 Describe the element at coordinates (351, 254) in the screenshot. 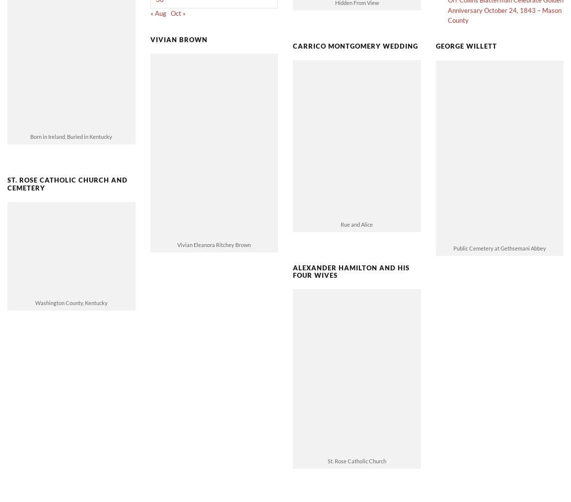

I see `'Alexander Hamilton and His Four Wives'` at that location.